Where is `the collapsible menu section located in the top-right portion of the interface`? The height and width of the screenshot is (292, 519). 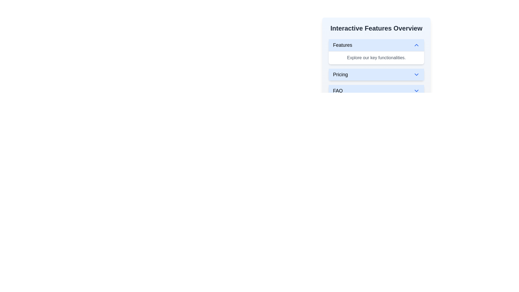
the collapsible menu section located in the top-right portion of the interface is located at coordinates (376, 52).